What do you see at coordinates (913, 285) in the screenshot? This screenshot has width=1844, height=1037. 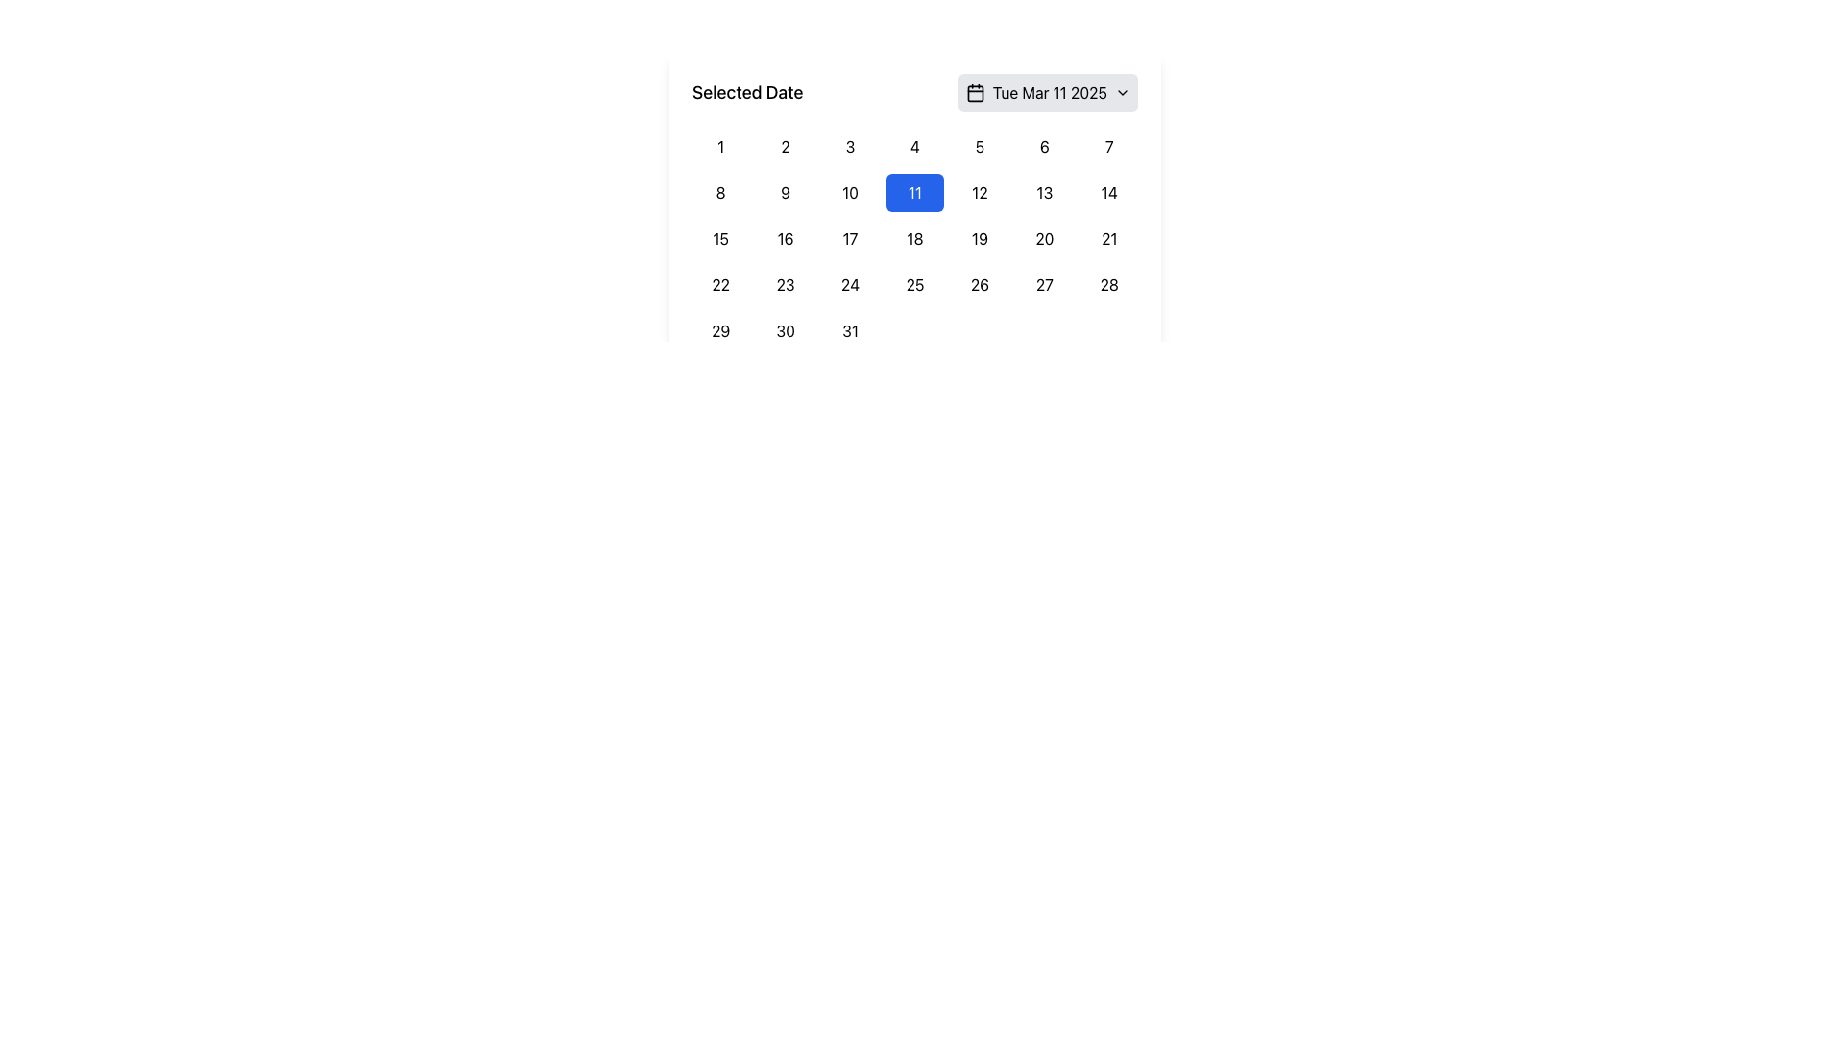 I see `the button displaying '25' in a calendar grid layout` at bounding box center [913, 285].